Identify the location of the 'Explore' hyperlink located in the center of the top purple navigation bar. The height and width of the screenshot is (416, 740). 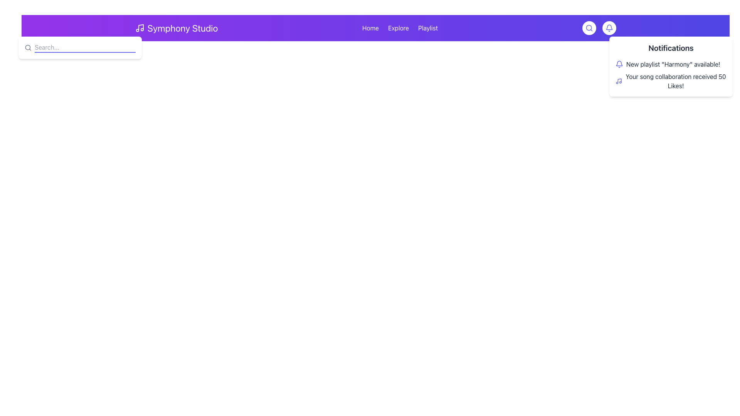
(399, 28).